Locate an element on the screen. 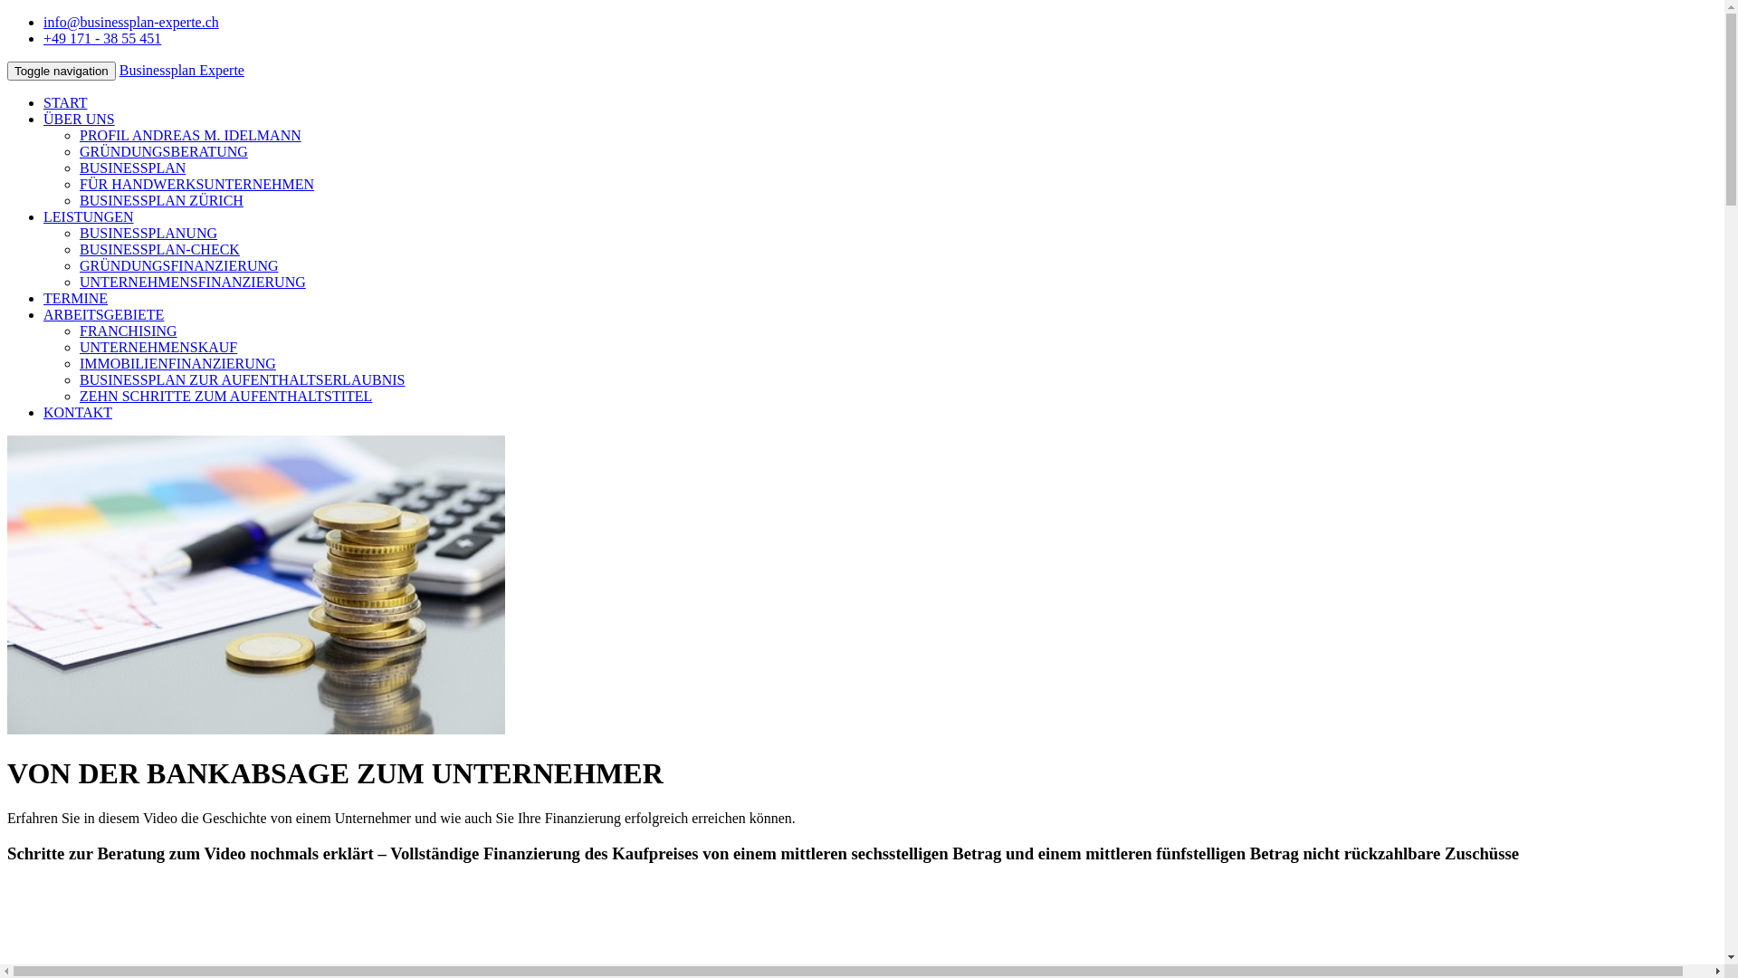 The height and width of the screenshot is (978, 1738). 'KONTAKT' is located at coordinates (43, 412).